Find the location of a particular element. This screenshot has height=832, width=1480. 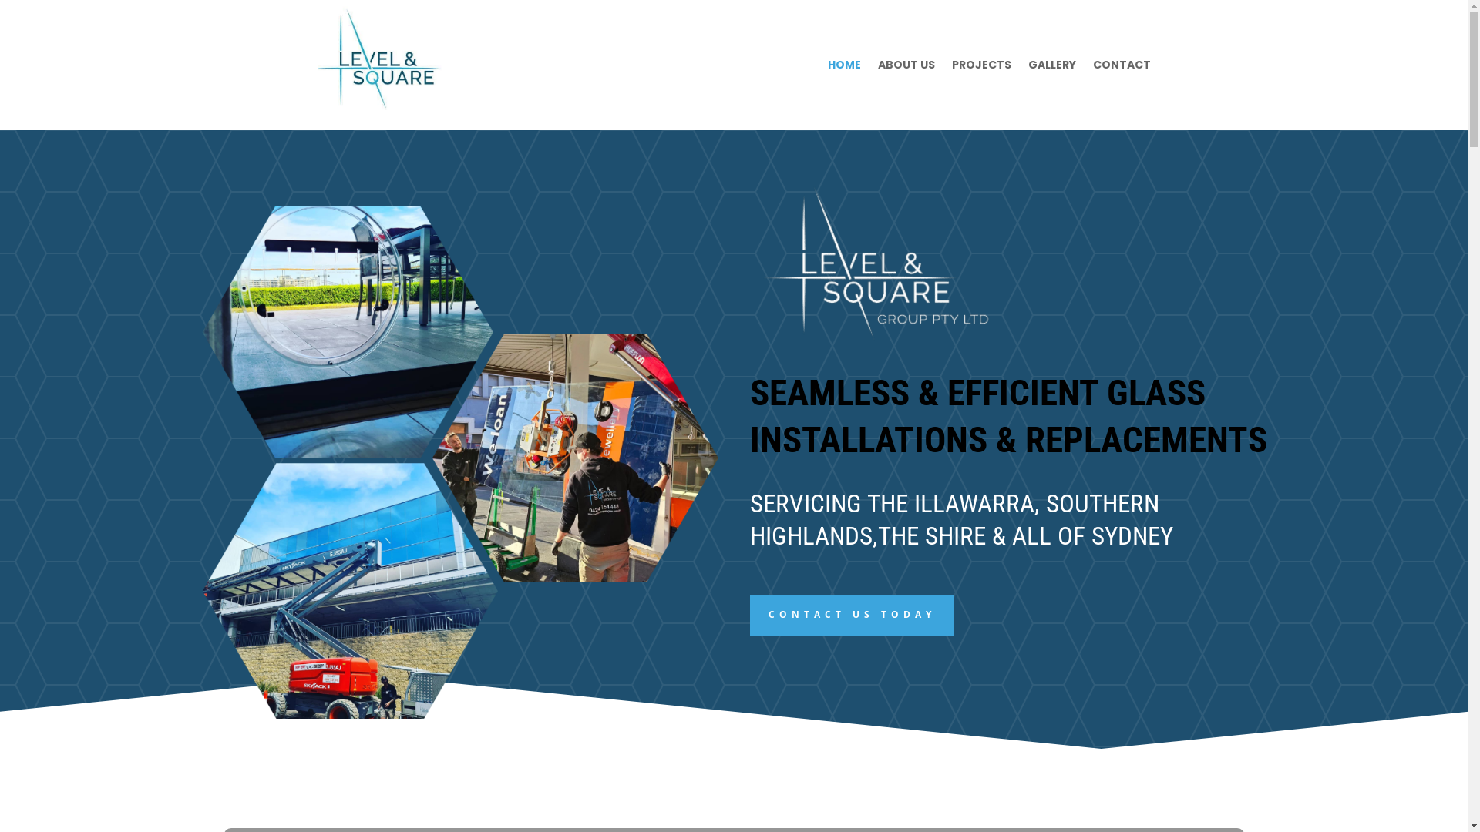

'PROJECTS' is located at coordinates (950, 64).